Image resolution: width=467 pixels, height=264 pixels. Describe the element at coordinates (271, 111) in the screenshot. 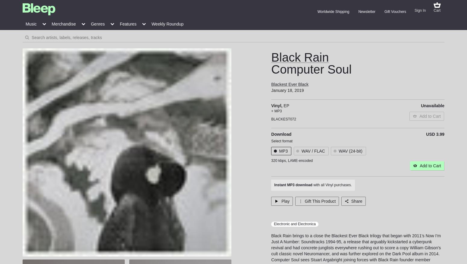

I see `'+ MP3'` at that location.